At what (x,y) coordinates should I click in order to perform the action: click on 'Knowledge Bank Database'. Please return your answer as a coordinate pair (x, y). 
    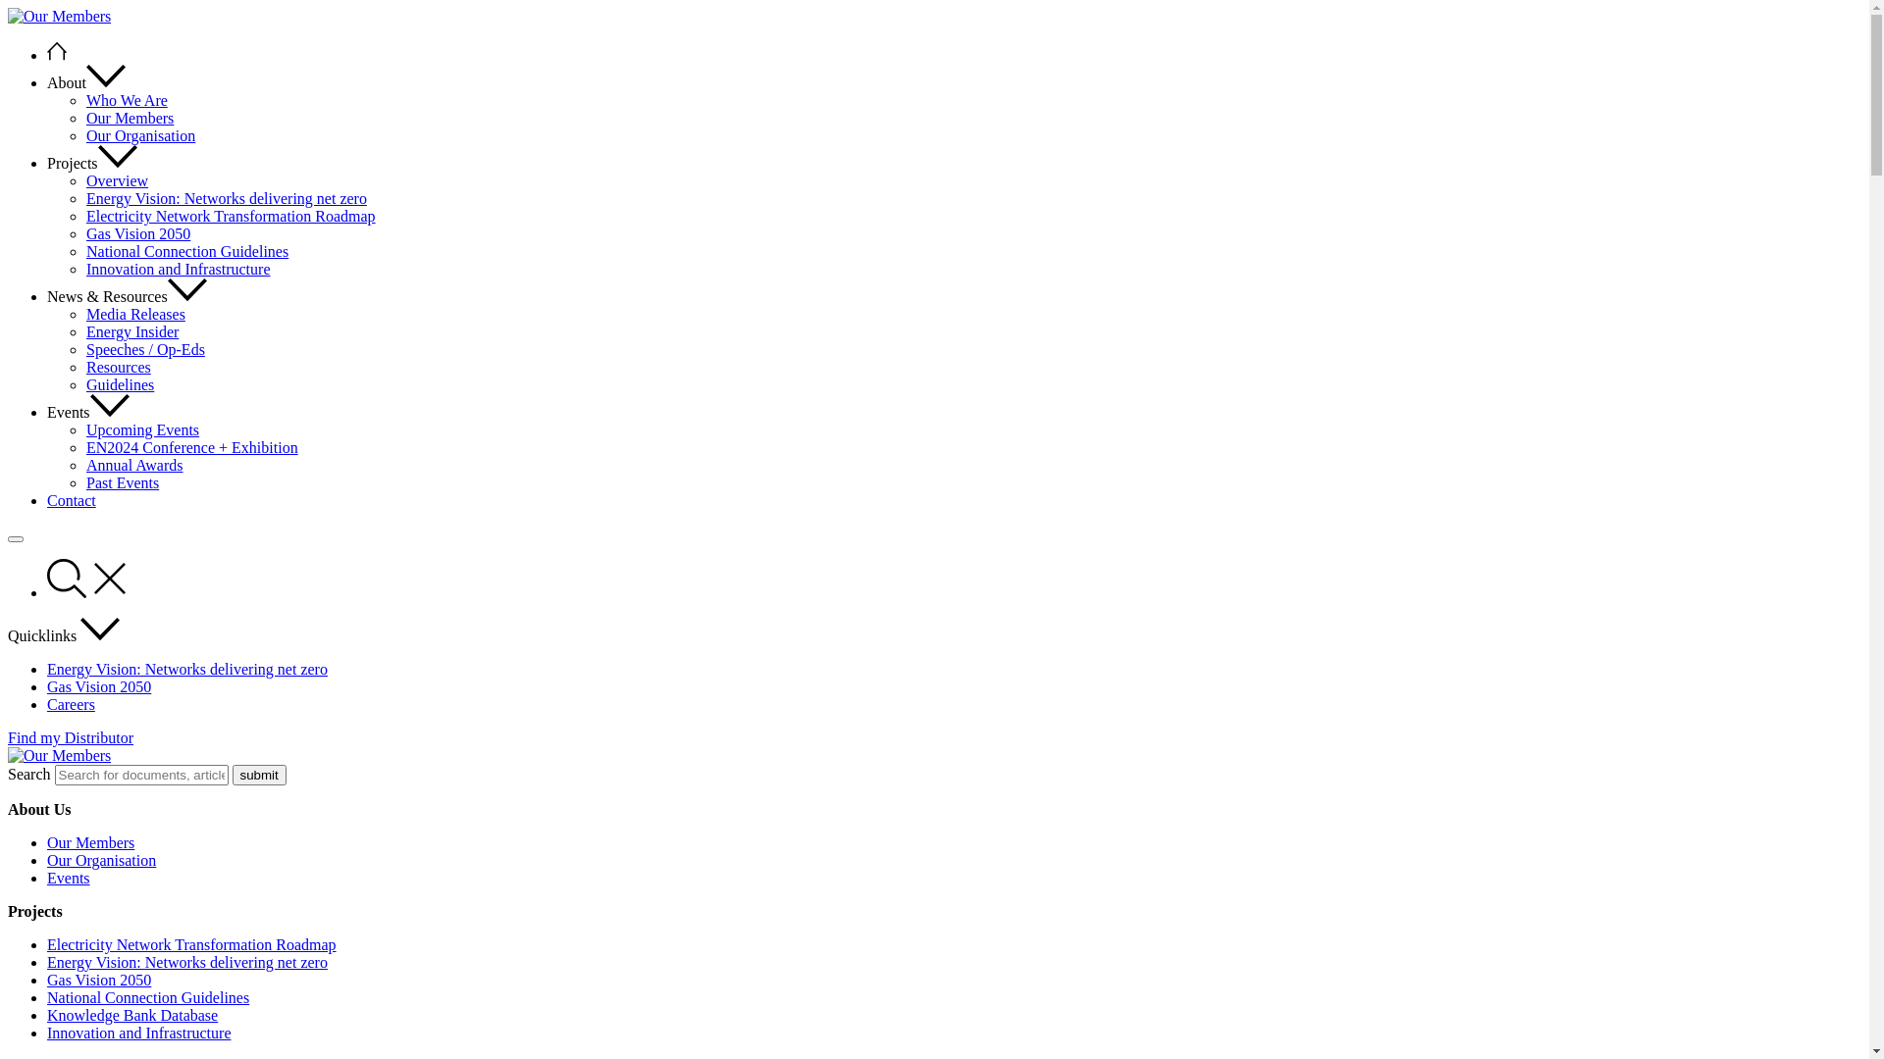
    Looking at the image, I should click on (131, 1015).